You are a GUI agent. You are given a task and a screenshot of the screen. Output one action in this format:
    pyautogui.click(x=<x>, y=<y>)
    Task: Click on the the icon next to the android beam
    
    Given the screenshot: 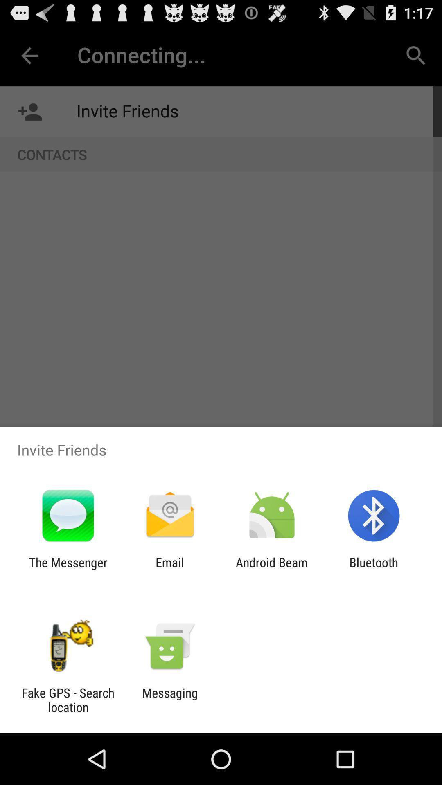 What is the action you would take?
    pyautogui.click(x=169, y=569)
    